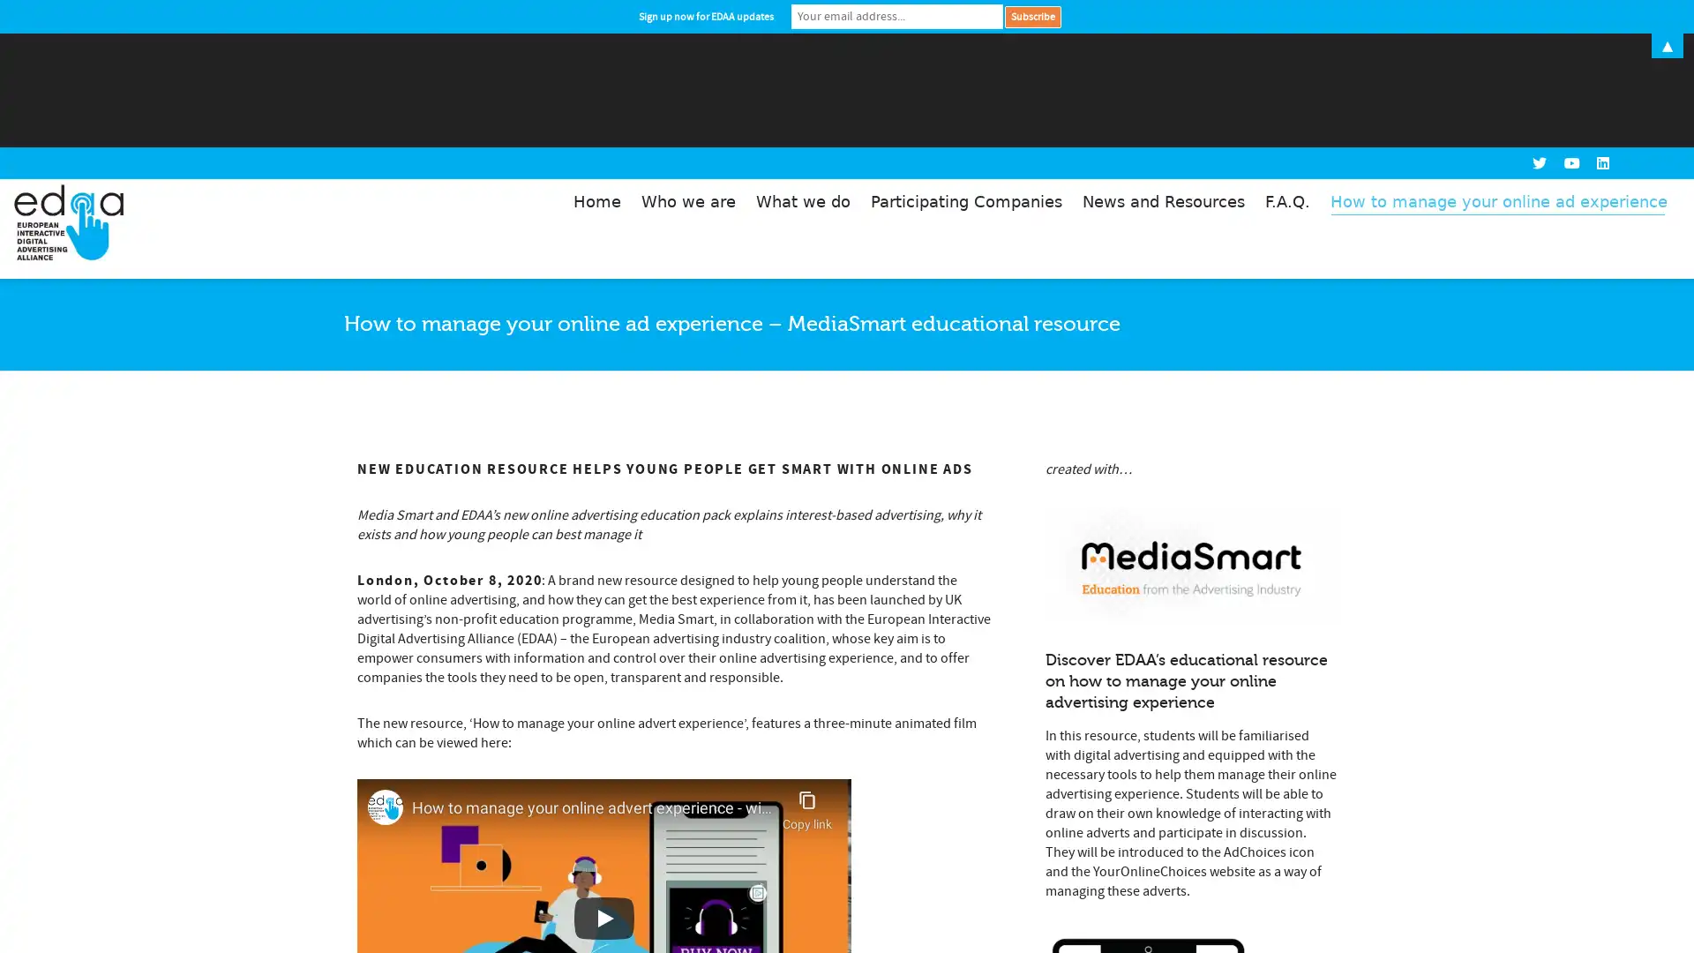 The height and width of the screenshot is (953, 1694). I want to click on Subscribe, so click(1032, 16).